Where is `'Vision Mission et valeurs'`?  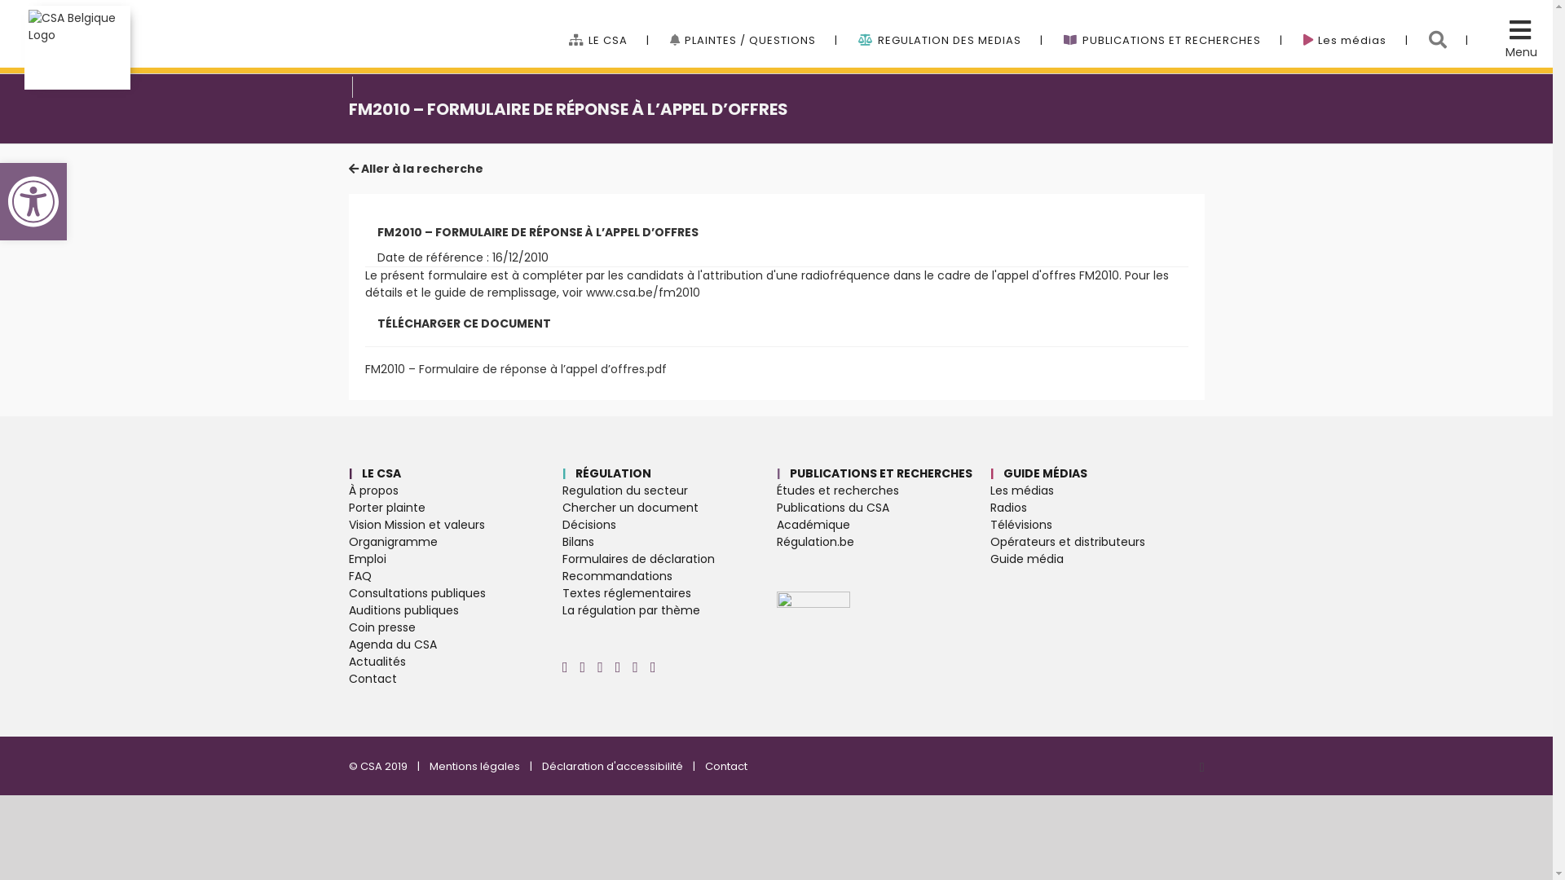 'Vision Mission et valeurs' is located at coordinates (456, 525).